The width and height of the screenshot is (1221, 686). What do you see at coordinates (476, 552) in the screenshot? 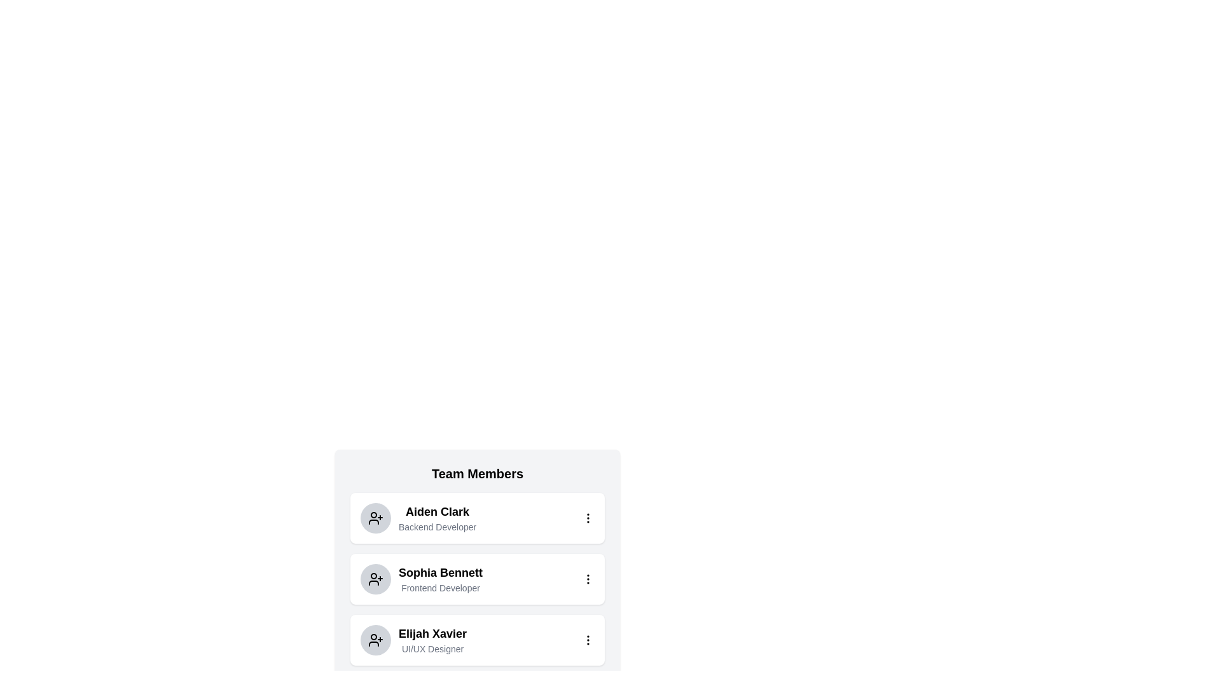
I see `the list item displaying information about team member 'Sophia Bennett', who is a Frontend Developer, located within the 'Team Members' list` at bounding box center [476, 552].